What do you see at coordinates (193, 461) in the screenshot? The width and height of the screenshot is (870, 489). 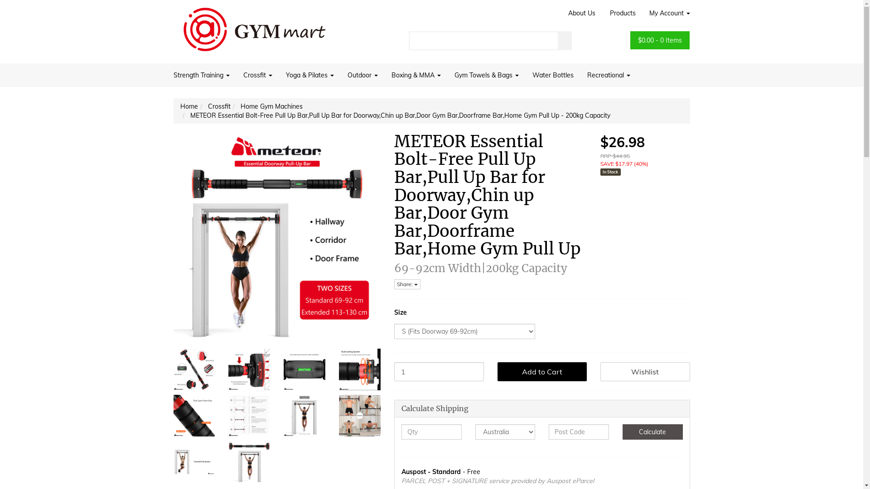 I see `'Large View'` at bounding box center [193, 461].